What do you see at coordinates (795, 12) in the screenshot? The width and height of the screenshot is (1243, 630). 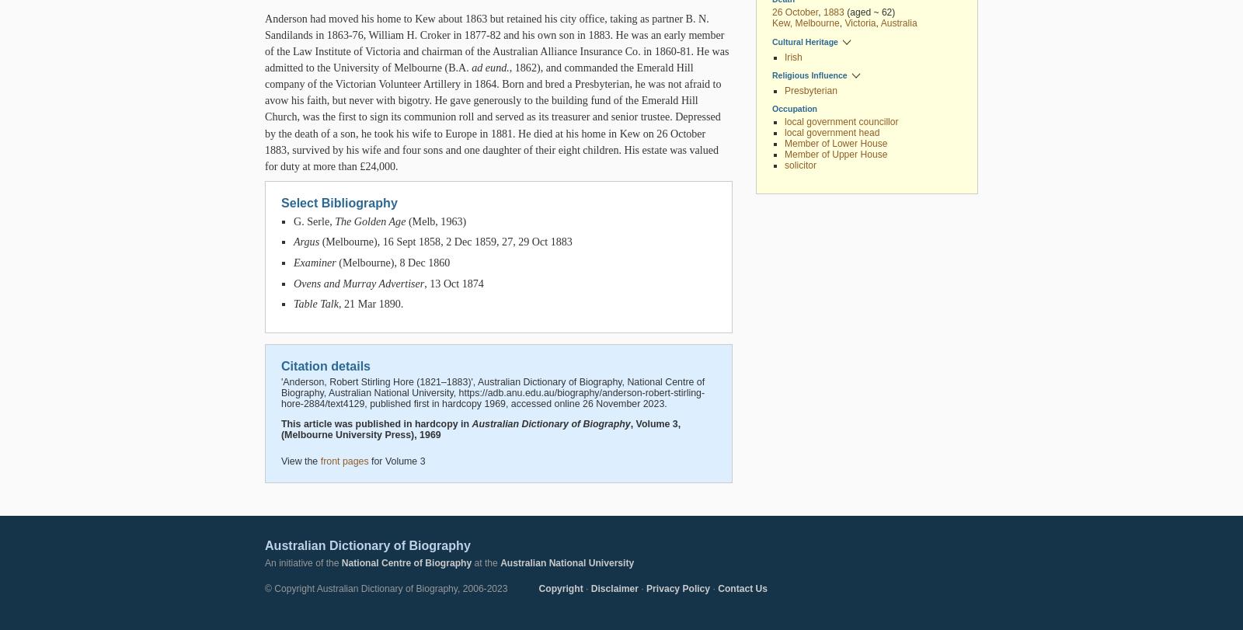 I see `'26 October'` at bounding box center [795, 12].